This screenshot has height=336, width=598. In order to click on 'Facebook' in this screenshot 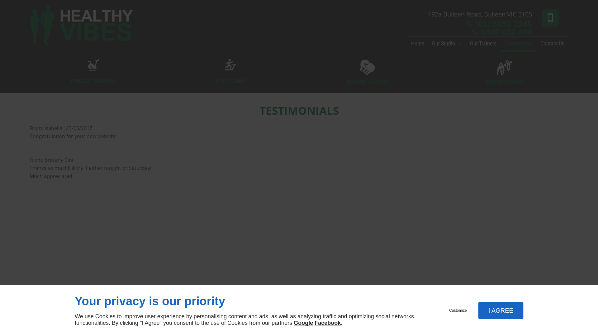, I will do `click(327, 322)`.